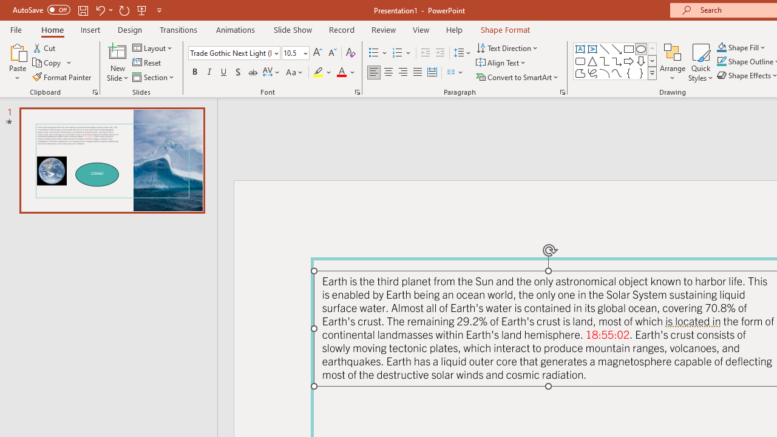 The width and height of the screenshot is (777, 437). What do you see at coordinates (341, 72) in the screenshot?
I see `'Font Color Red'` at bounding box center [341, 72].